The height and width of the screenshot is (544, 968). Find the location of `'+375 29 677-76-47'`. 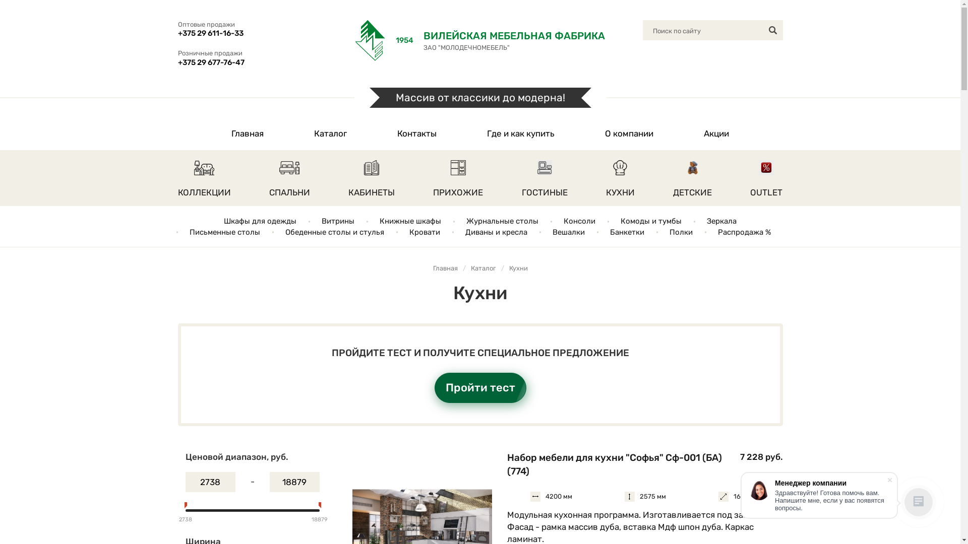

'+375 29 677-76-47' is located at coordinates (247, 62).